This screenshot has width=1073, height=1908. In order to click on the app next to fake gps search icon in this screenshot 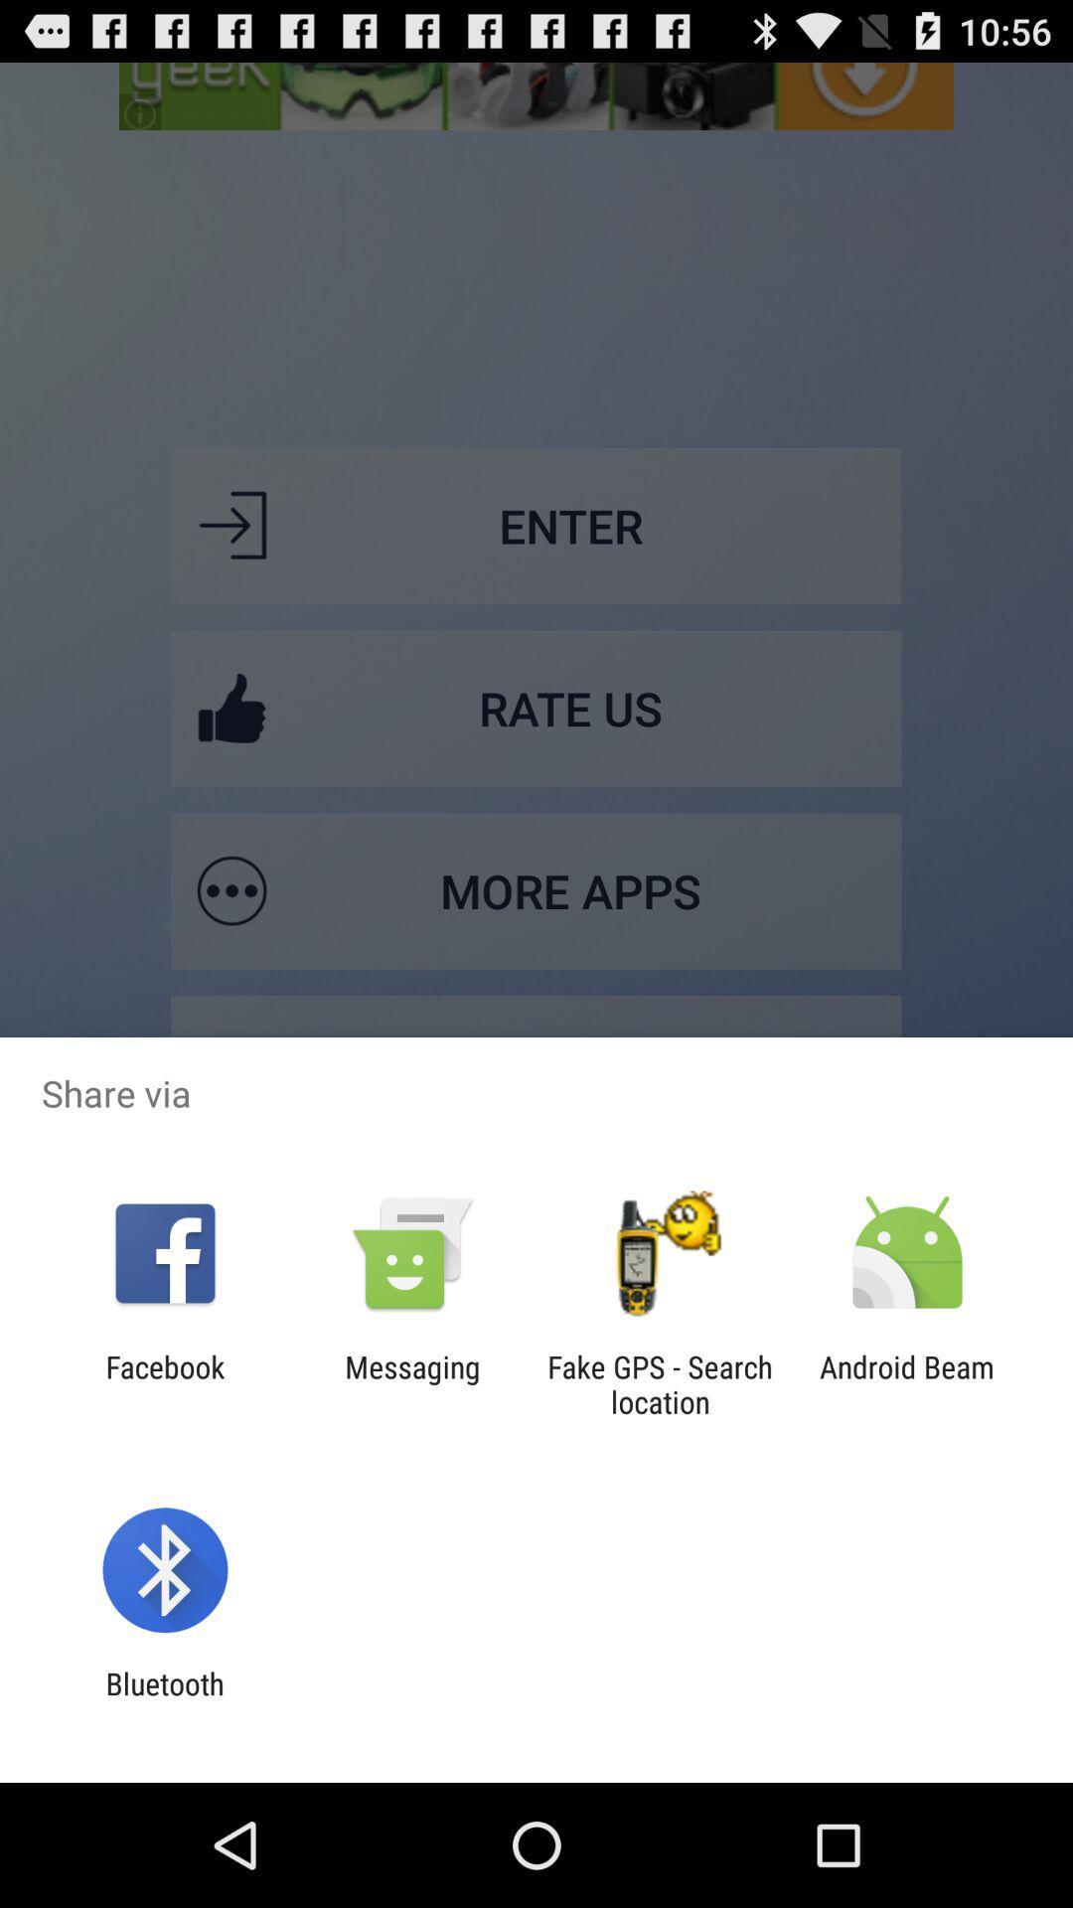, I will do `click(411, 1383)`.